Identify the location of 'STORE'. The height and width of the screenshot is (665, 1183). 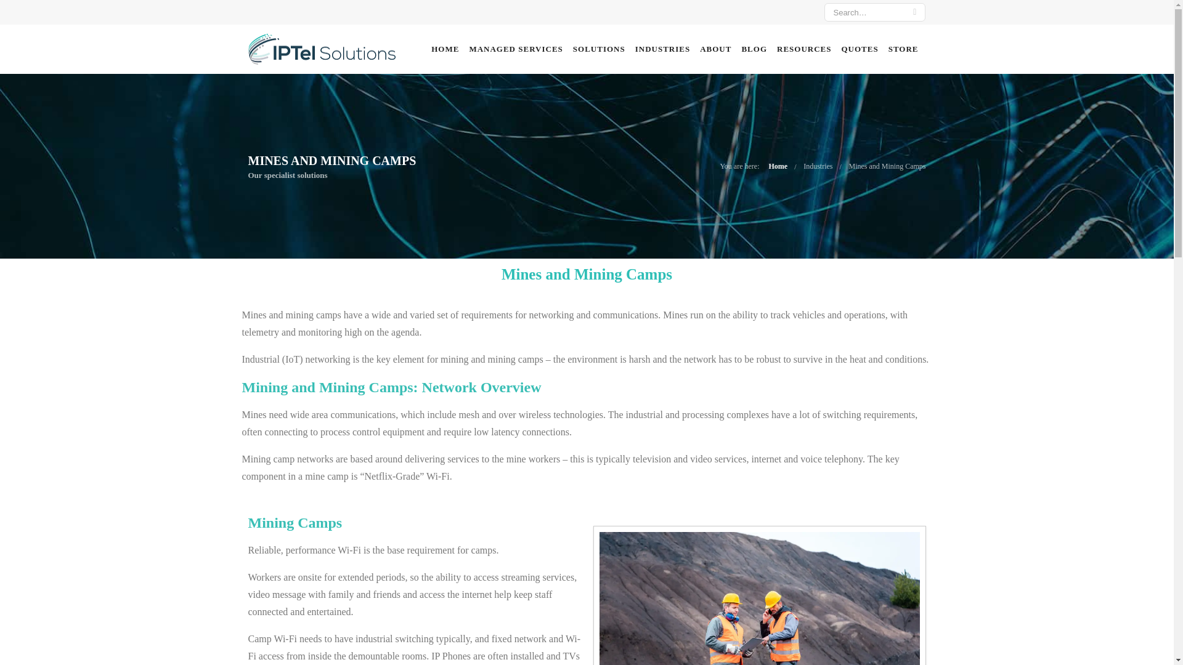
(903, 49).